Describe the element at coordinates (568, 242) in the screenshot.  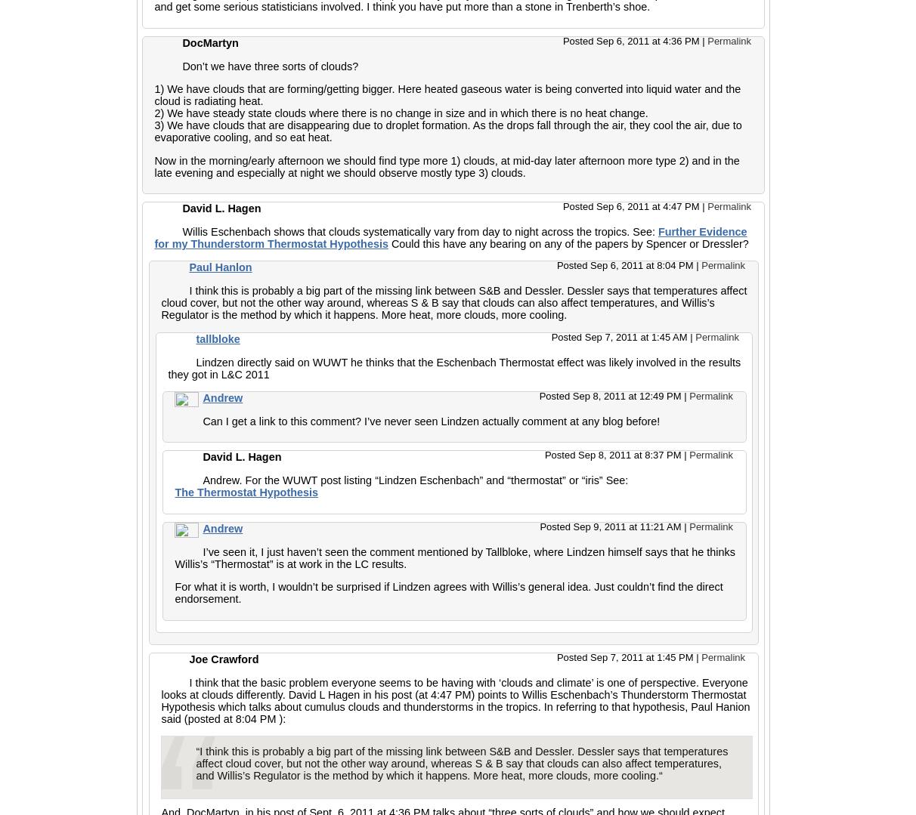
I see `'Could this have any bearing on any of the papers by Spencer or Dressler?'` at that location.